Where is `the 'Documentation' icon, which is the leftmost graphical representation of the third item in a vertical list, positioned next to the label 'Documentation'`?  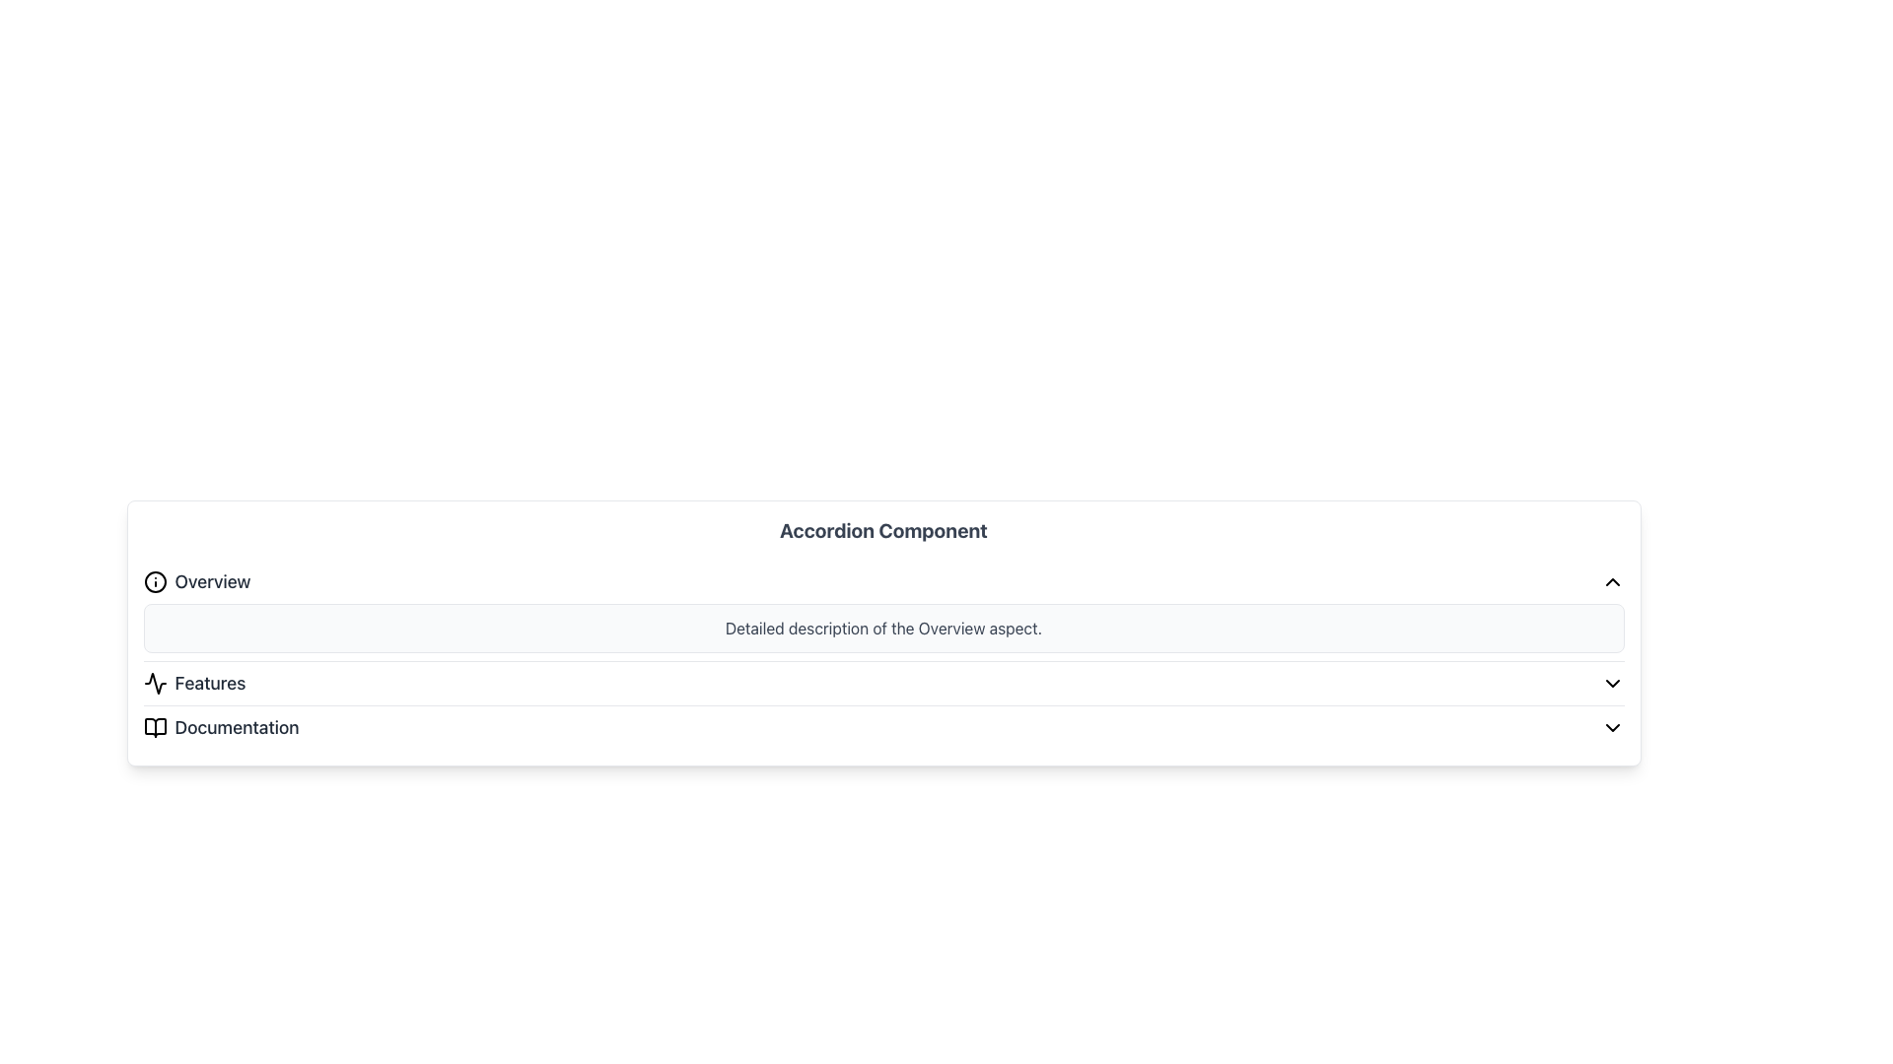 the 'Documentation' icon, which is the leftmost graphical representation of the third item in a vertical list, positioned next to the label 'Documentation' is located at coordinates (154, 728).